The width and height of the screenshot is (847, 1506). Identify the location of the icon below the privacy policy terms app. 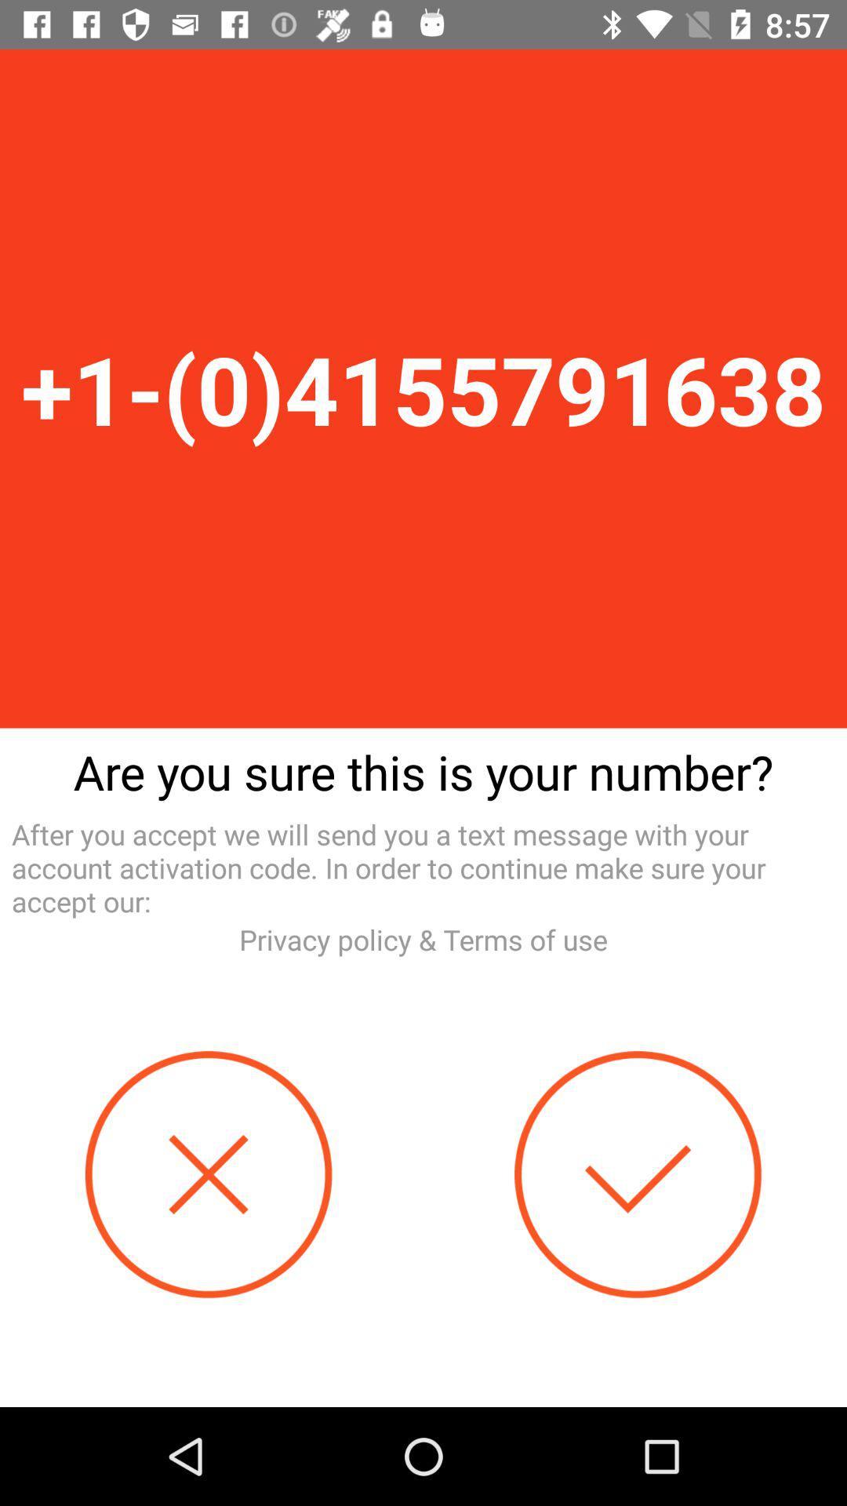
(208, 1174).